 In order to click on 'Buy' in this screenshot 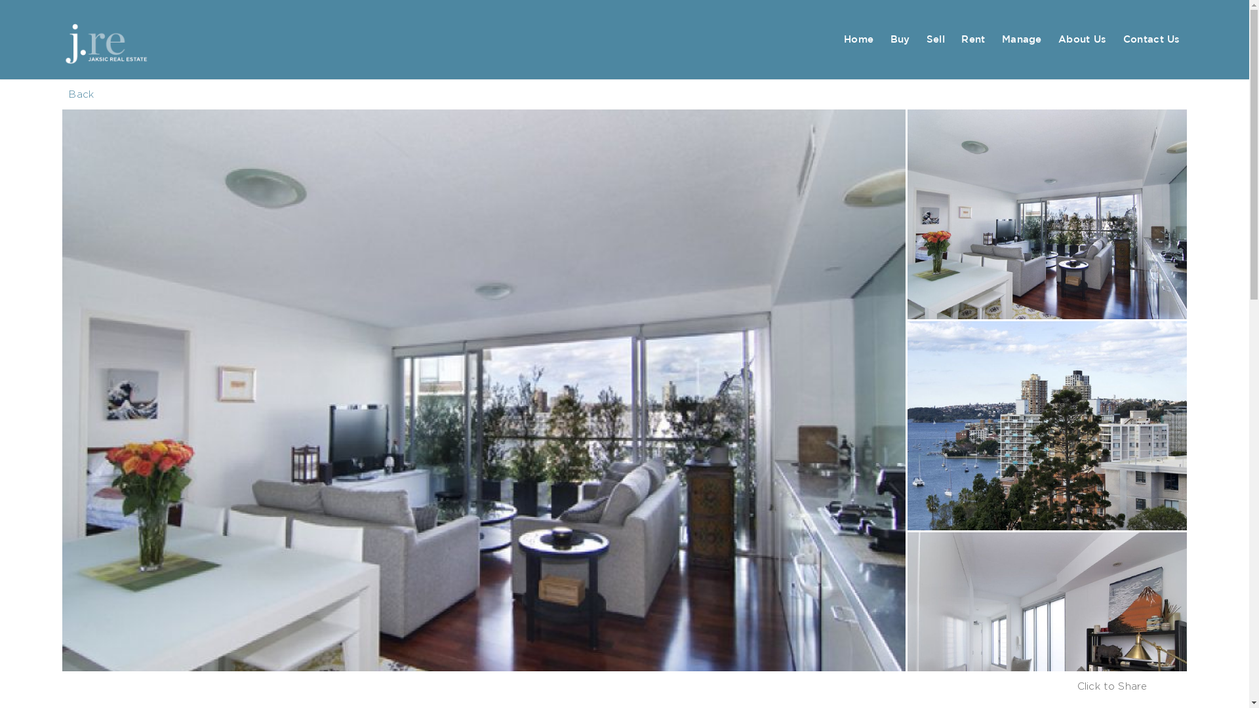, I will do `click(899, 39)`.